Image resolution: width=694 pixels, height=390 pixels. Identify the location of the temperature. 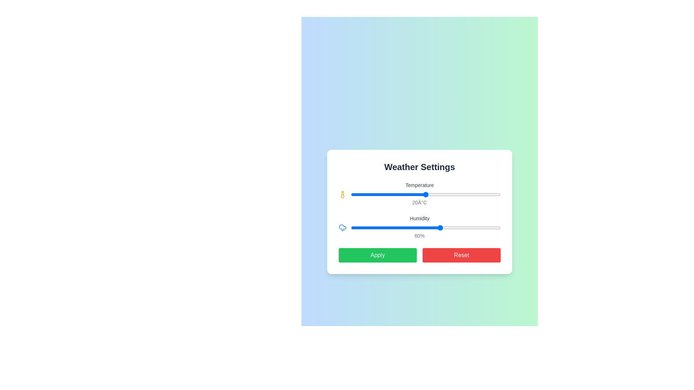
(463, 194).